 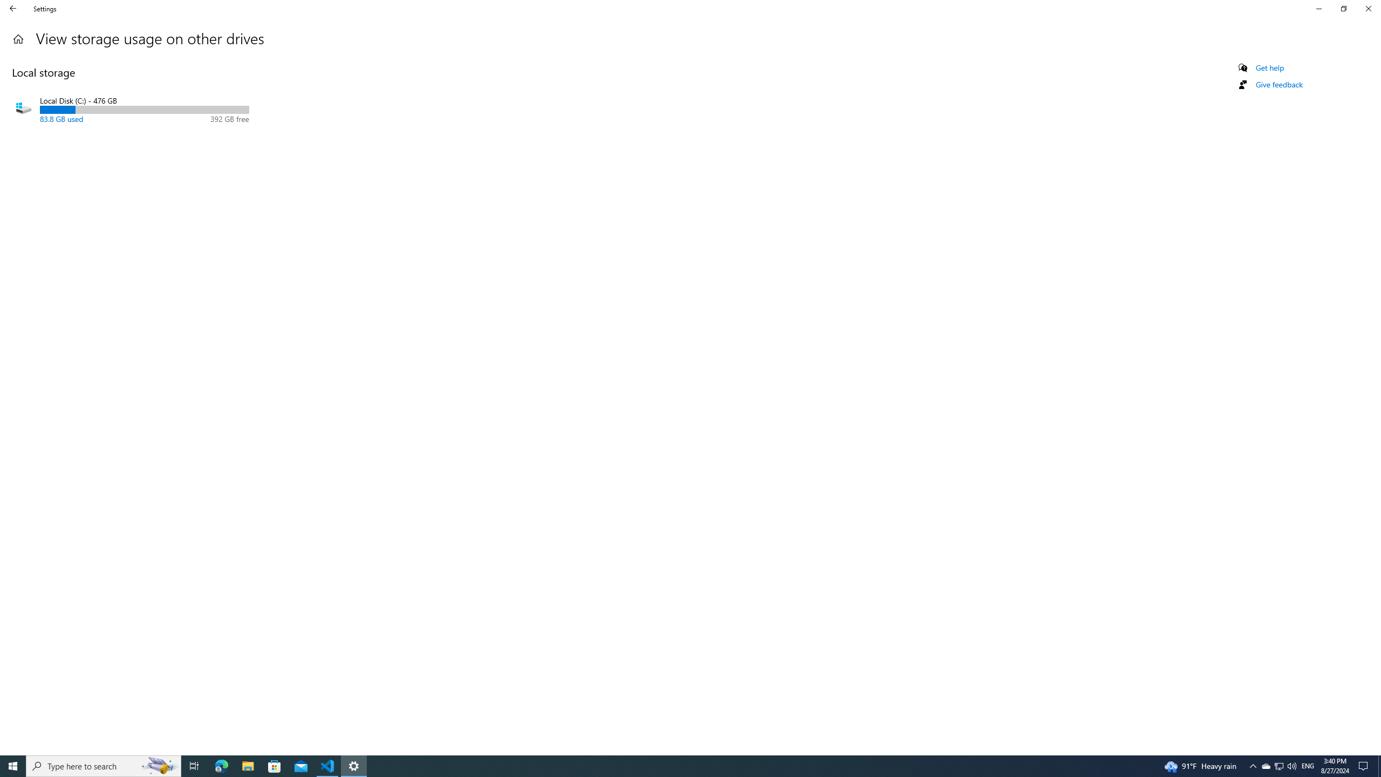 What do you see at coordinates (13, 8) in the screenshot?
I see `'Home'` at bounding box center [13, 8].